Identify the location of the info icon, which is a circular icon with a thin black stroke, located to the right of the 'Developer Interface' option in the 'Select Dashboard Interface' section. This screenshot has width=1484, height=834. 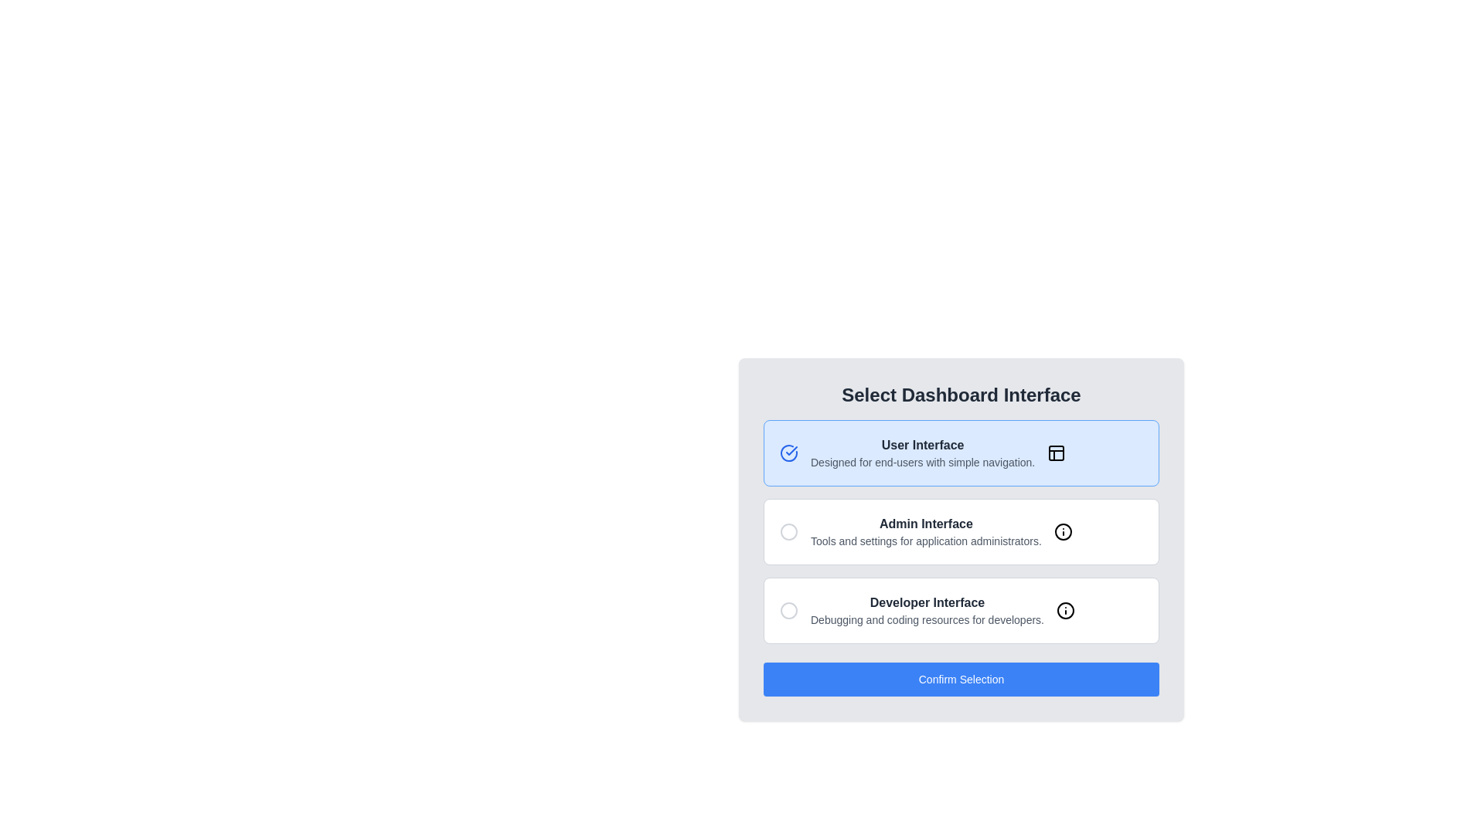
(1064, 609).